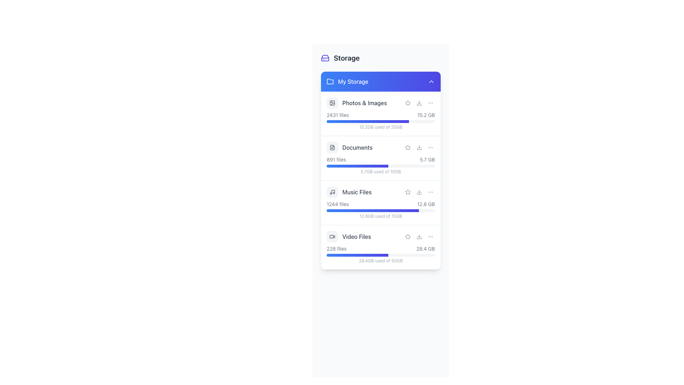 The width and height of the screenshot is (684, 385). What do you see at coordinates (380, 236) in the screenshot?
I see `the fourth segment in the vertical list of storage categories, which indicates a category for storing video files and is located below 'Music Files'` at bounding box center [380, 236].